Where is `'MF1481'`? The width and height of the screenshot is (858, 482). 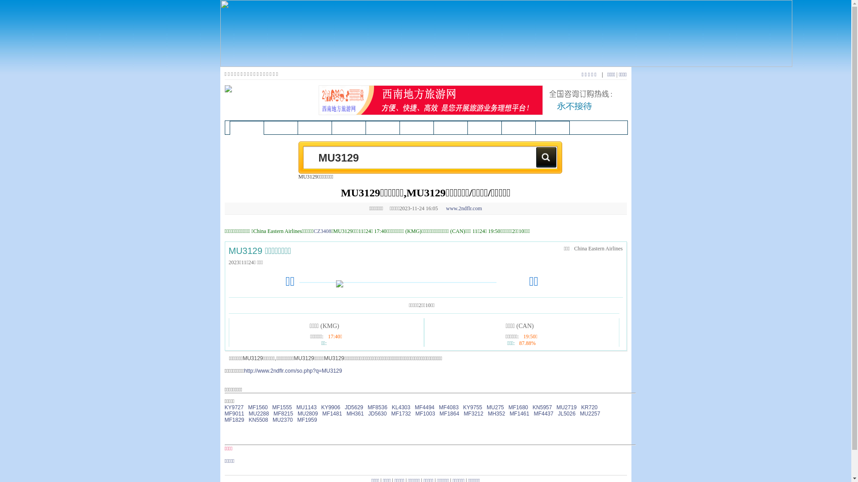
'MF1481' is located at coordinates (322, 413).